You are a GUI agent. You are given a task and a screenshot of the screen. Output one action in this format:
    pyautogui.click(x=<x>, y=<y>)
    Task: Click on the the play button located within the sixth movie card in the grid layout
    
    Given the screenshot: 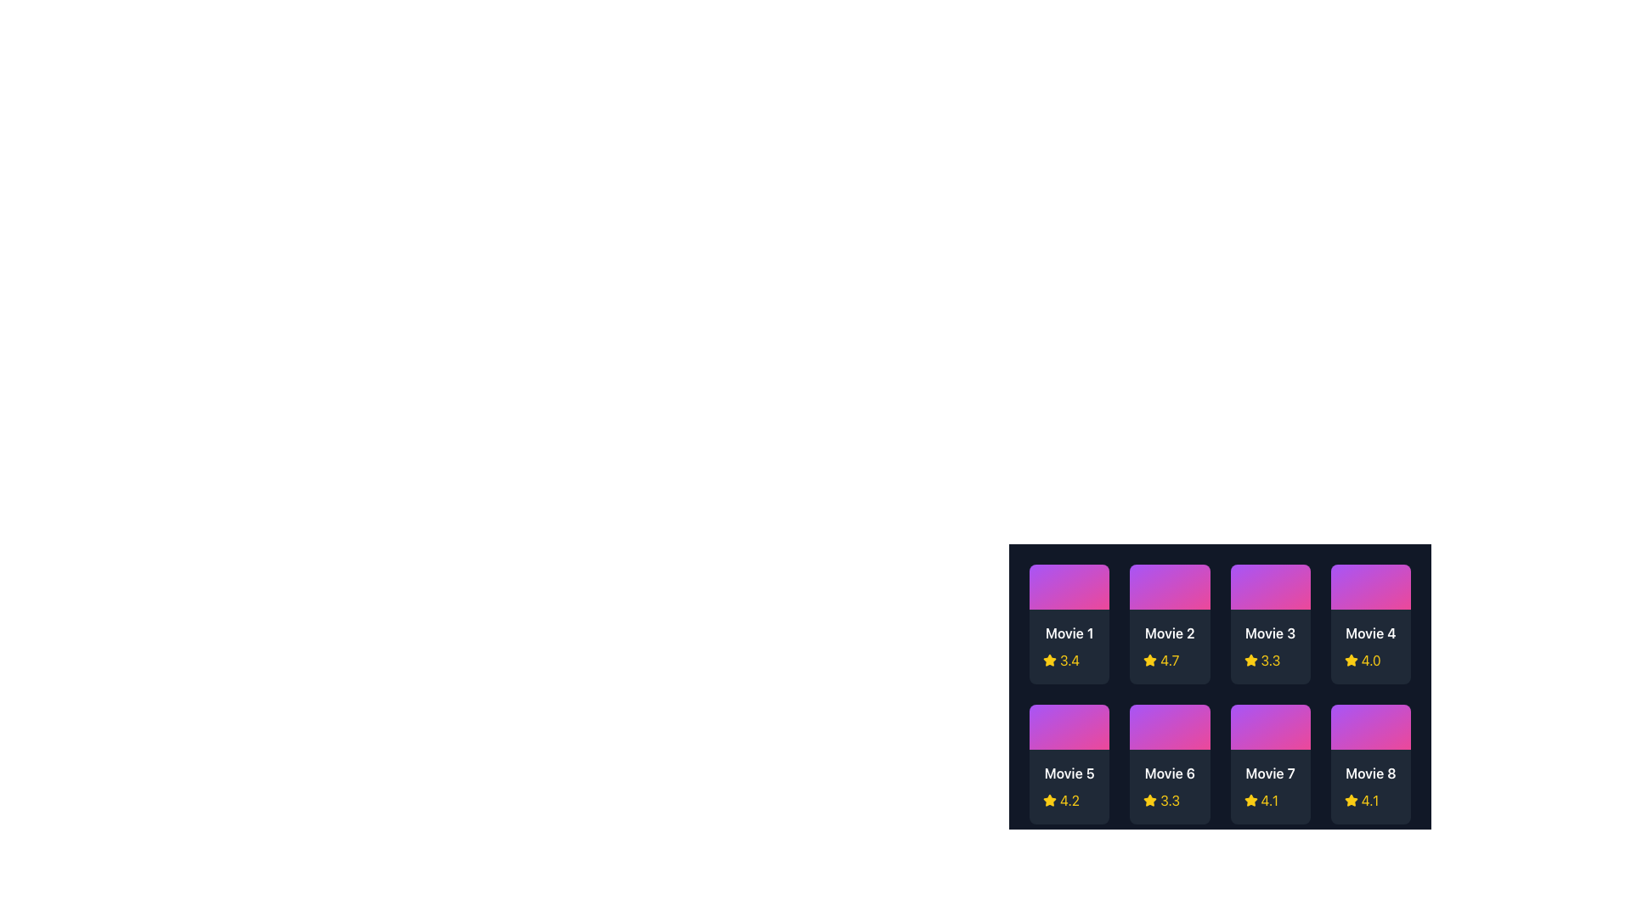 What is the action you would take?
    pyautogui.click(x=1171, y=726)
    